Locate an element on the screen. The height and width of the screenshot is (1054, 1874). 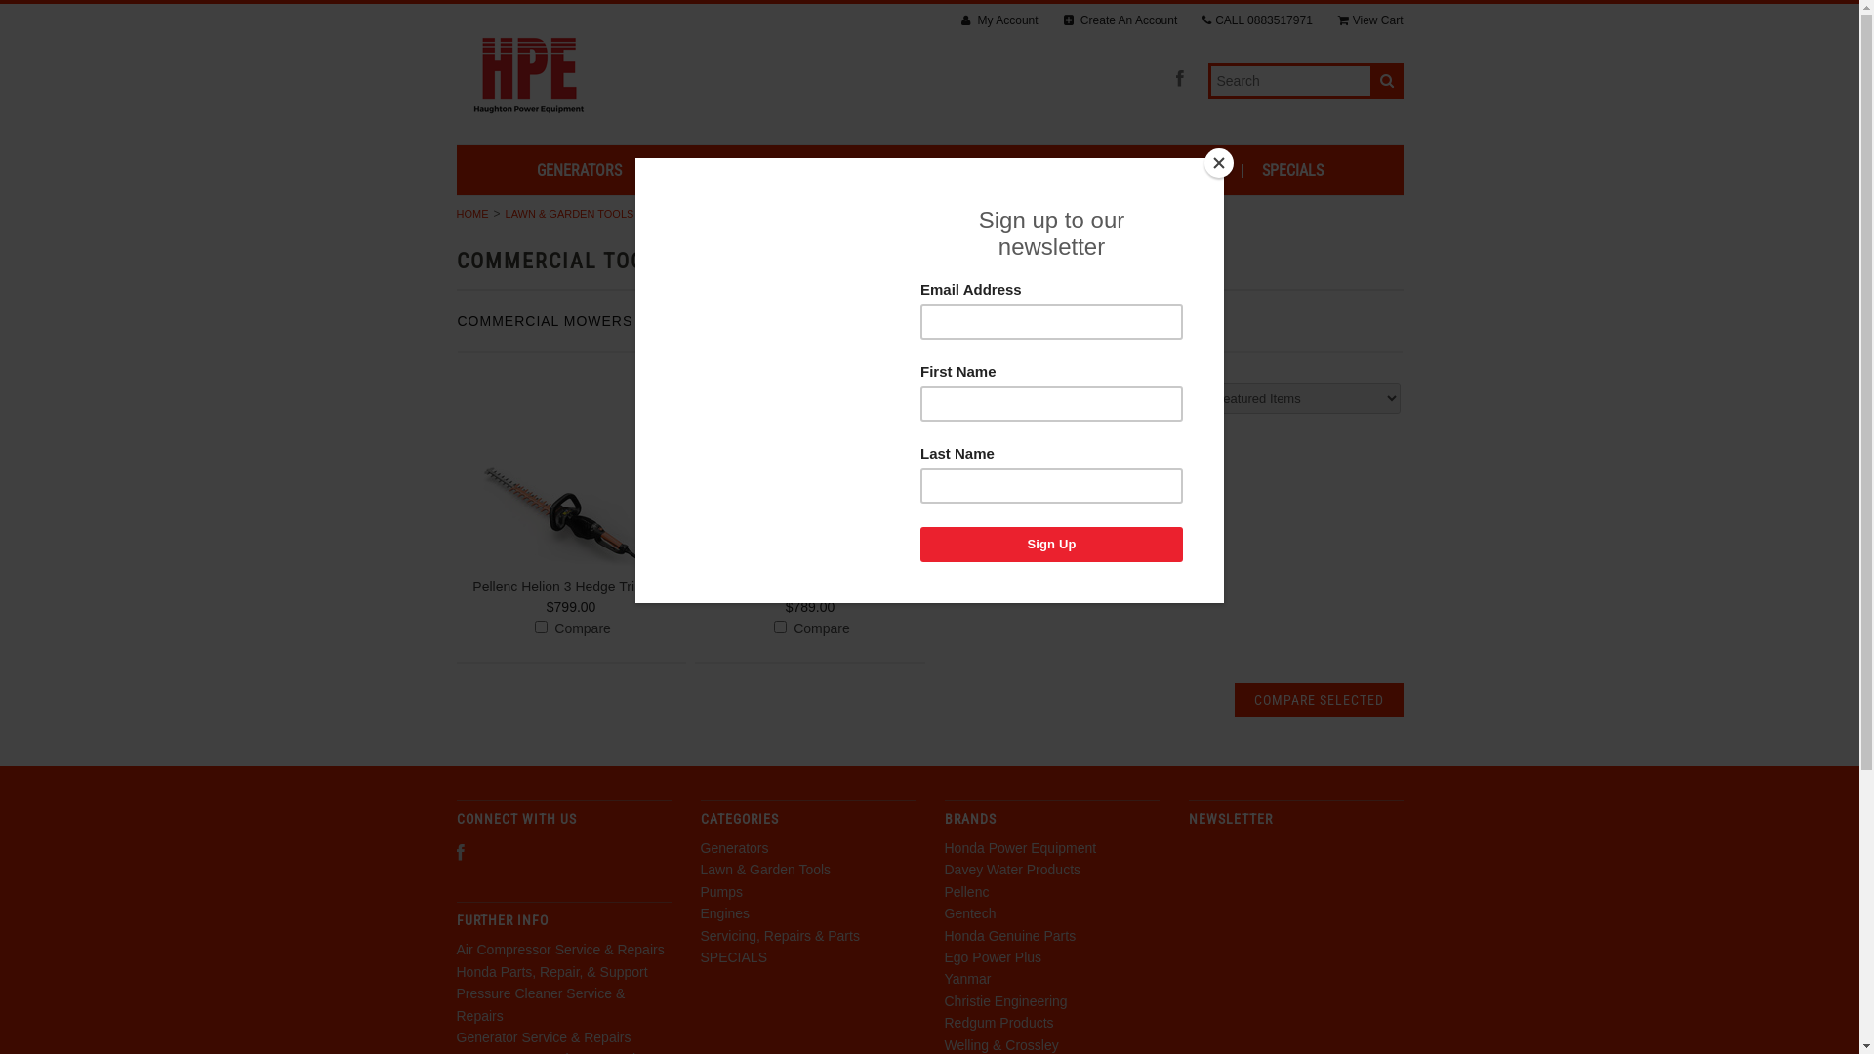
'Christie Engineering' is located at coordinates (1006, 1001).